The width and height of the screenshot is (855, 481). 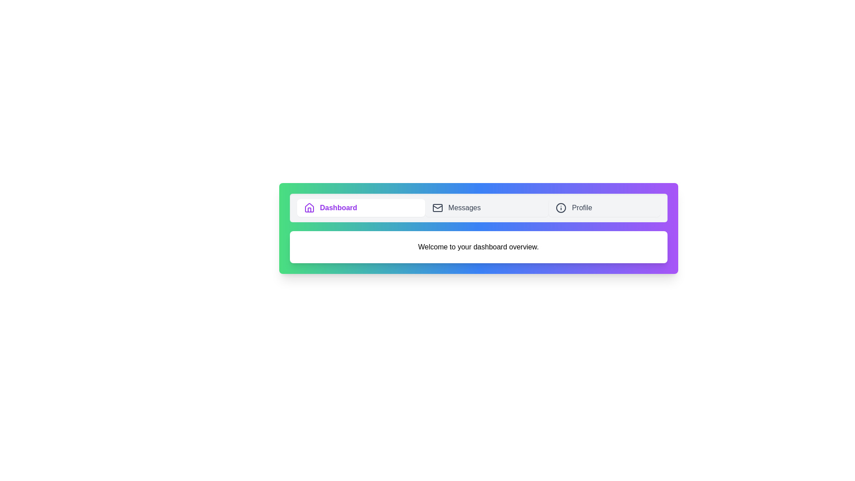 What do you see at coordinates (478, 247) in the screenshot?
I see `the text content to select it for interaction` at bounding box center [478, 247].